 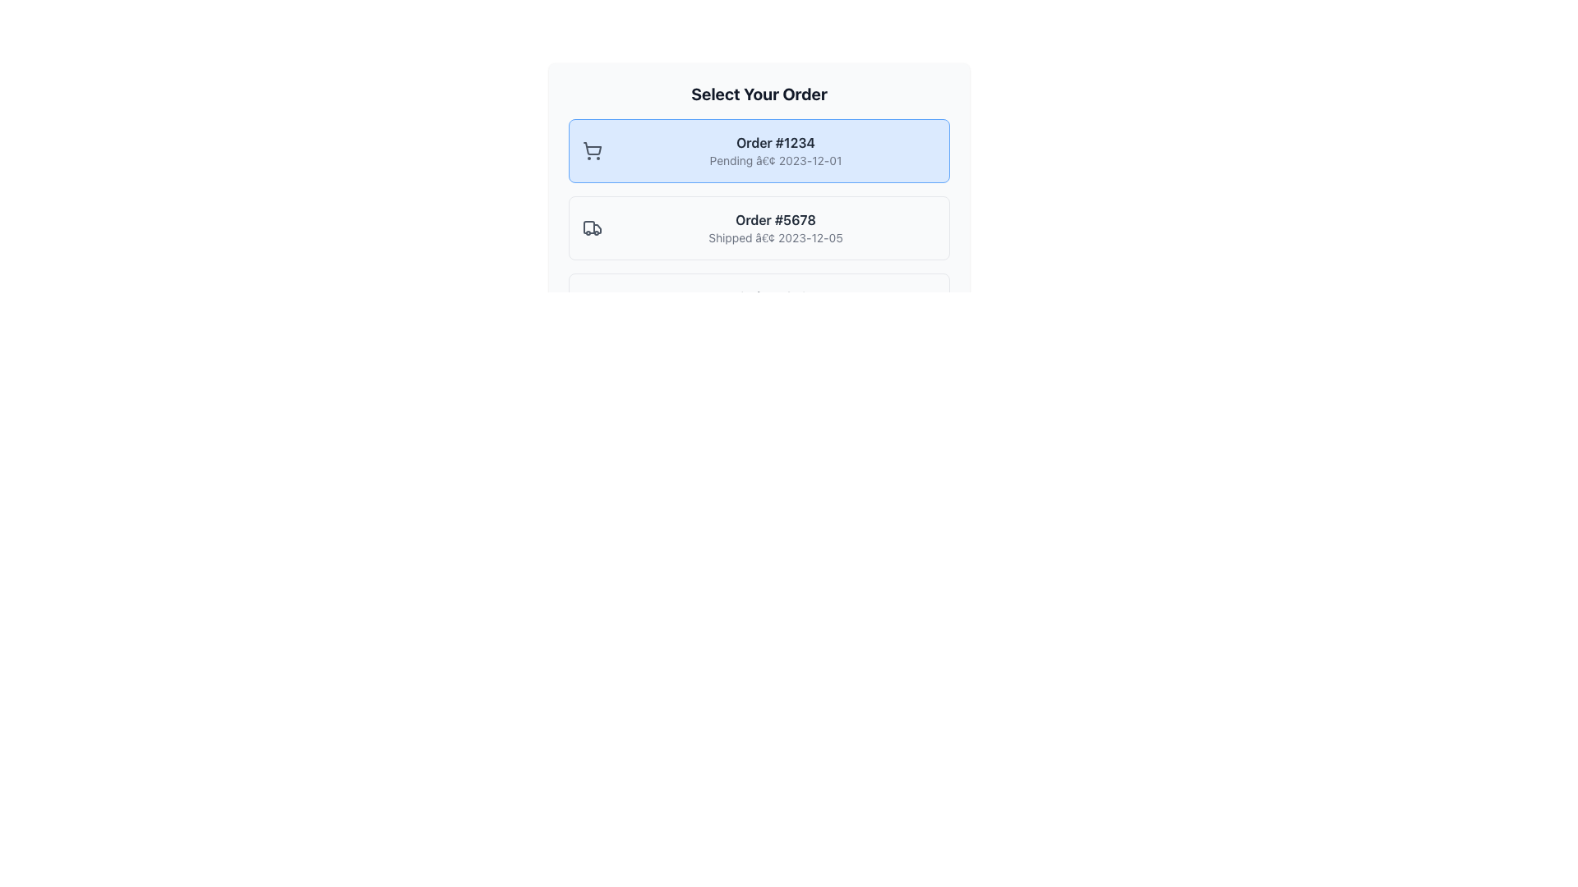 I want to click on to select the order summary card for Order #1234, which is the first card in the vertical list beneath 'Select Your Order', so click(x=759, y=151).